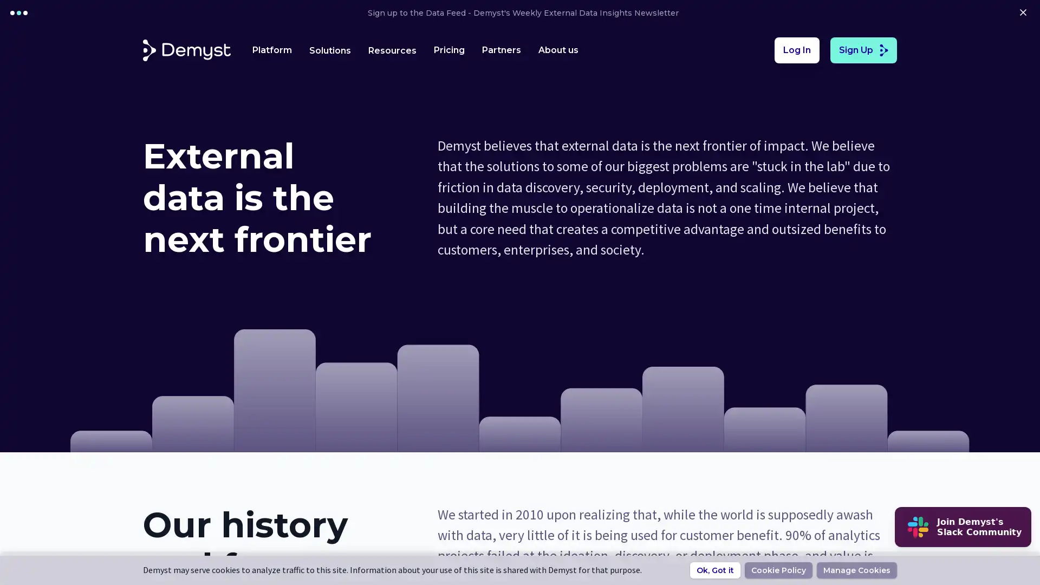 This screenshot has height=585, width=1040. Describe the element at coordinates (18, 12) in the screenshot. I see `Banner control button 1` at that location.